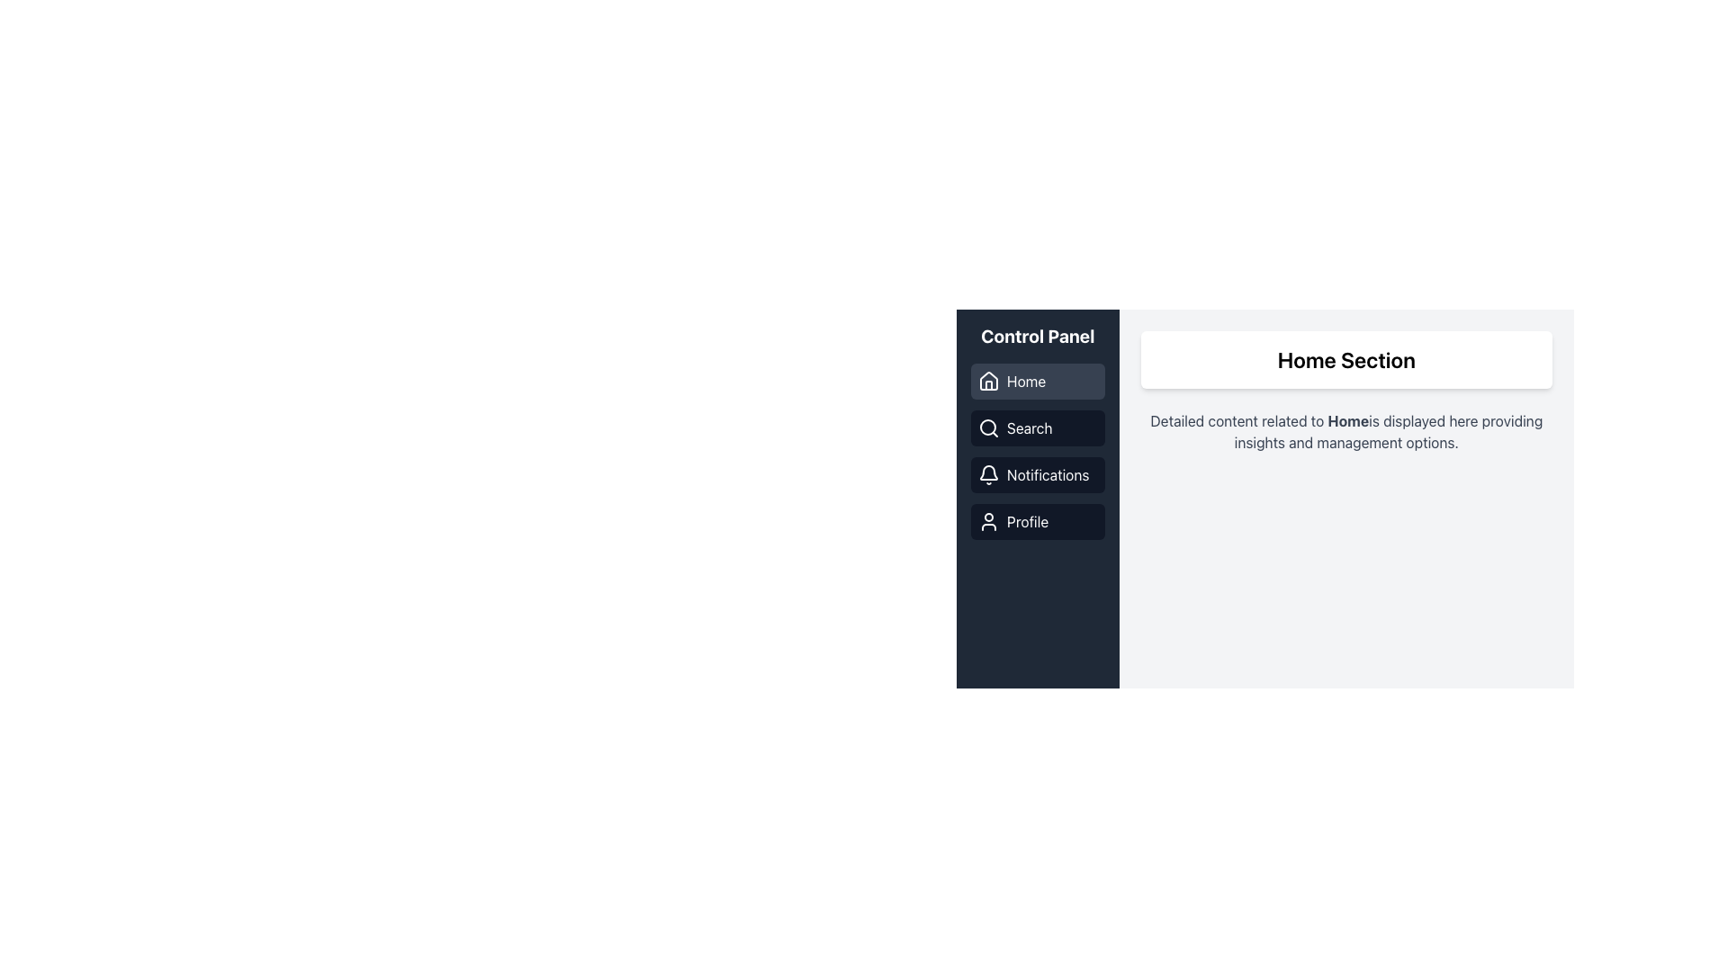 The width and height of the screenshot is (1728, 972). I want to click on the Informational panel located in the center-right portion of the interface that provides details about the 'Home Section', so click(1264, 488).